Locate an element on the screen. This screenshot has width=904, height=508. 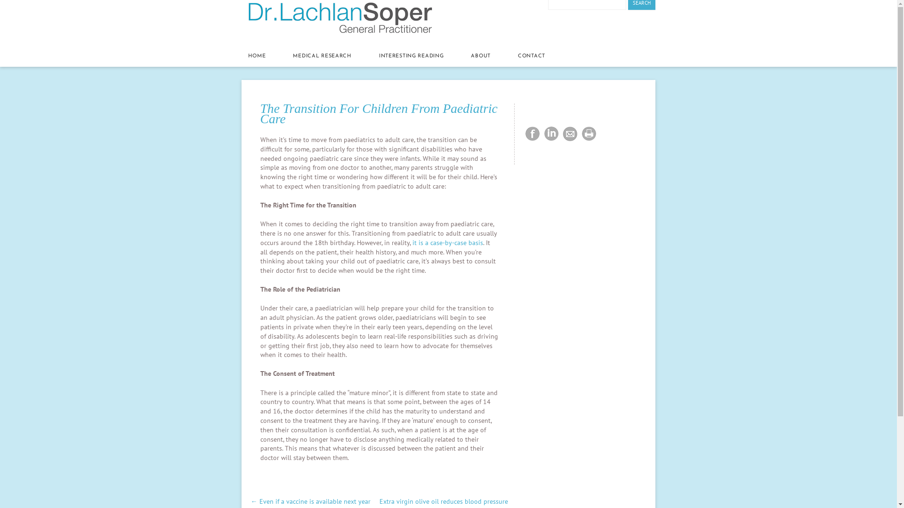
'Print' is located at coordinates (589, 134).